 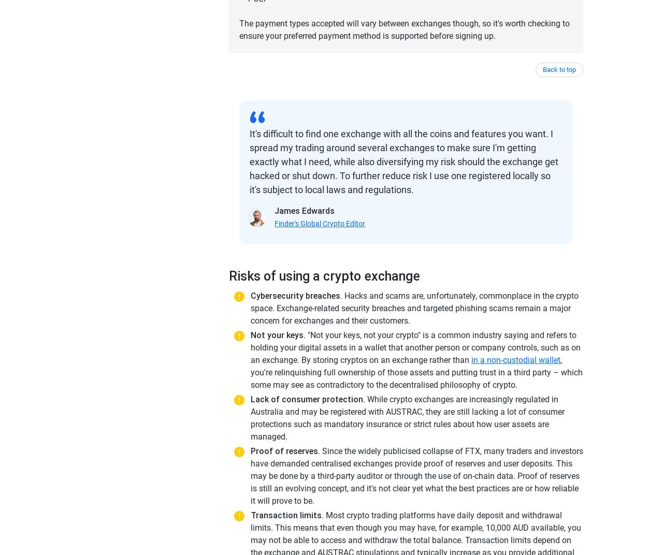 What do you see at coordinates (415, 347) in the screenshot?
I see `'"Not your keys, not your crypto" is a common industry saying and refers to holding your digital assets in a wallet that another person or company controls, such as on an exchange. By storing cryptos on an exchange rather than'` at bounding box center [415, 347].